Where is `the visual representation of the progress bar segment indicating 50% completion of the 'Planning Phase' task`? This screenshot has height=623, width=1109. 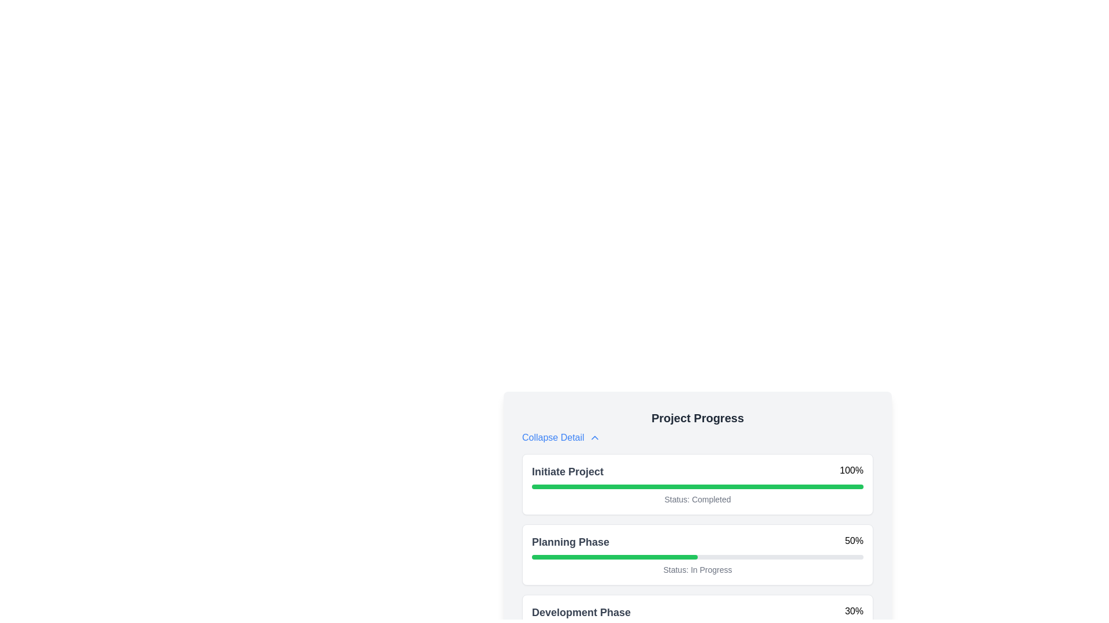
the visual representation of the progress bar segment indicating 50% completion of the 'Planning Phase' task is located at coordinates (614, 556).